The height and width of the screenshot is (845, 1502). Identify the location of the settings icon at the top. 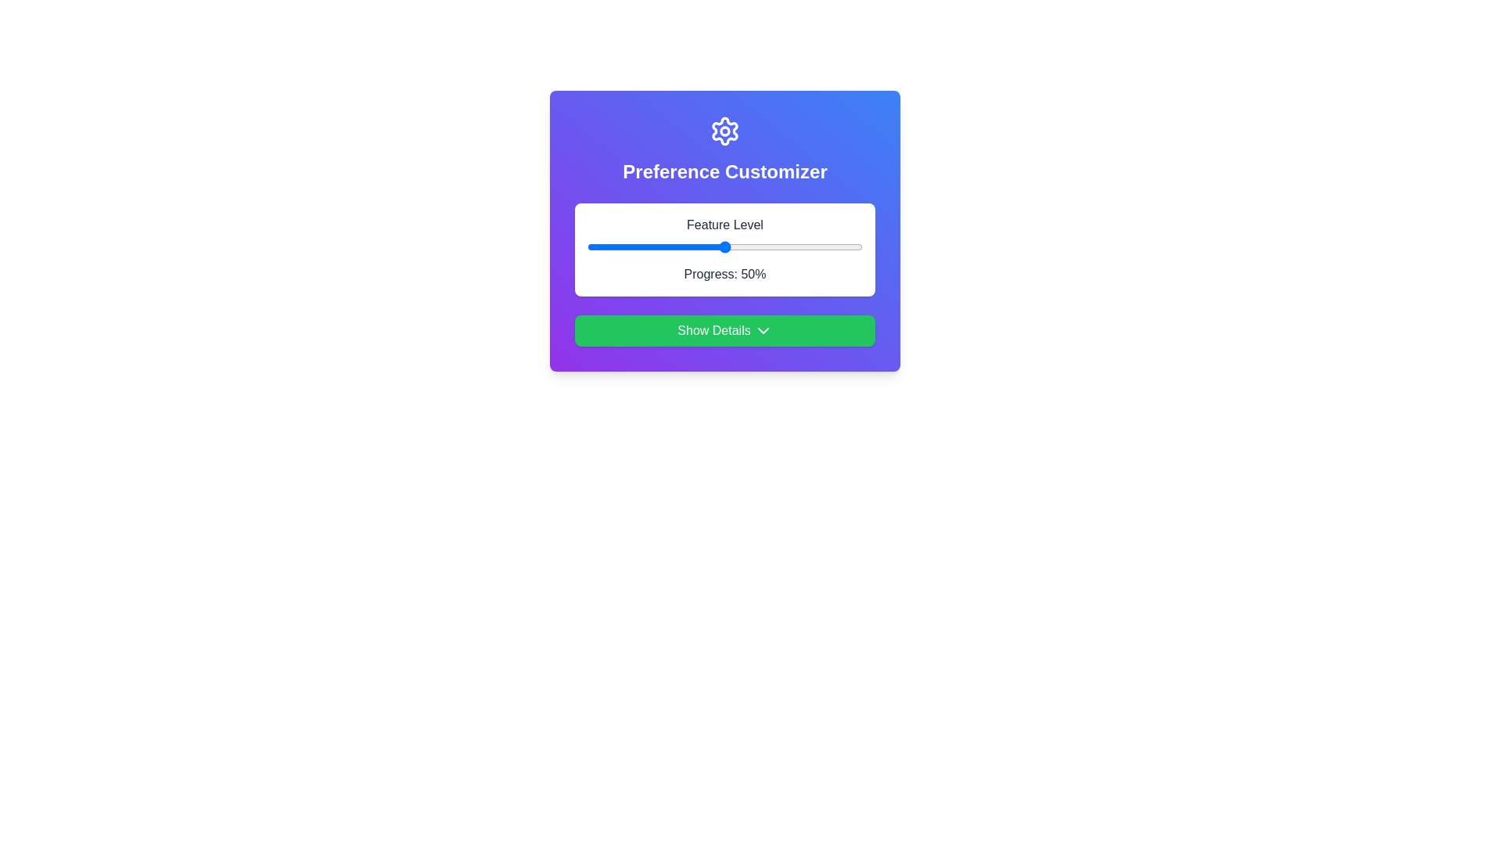
(724, 131).